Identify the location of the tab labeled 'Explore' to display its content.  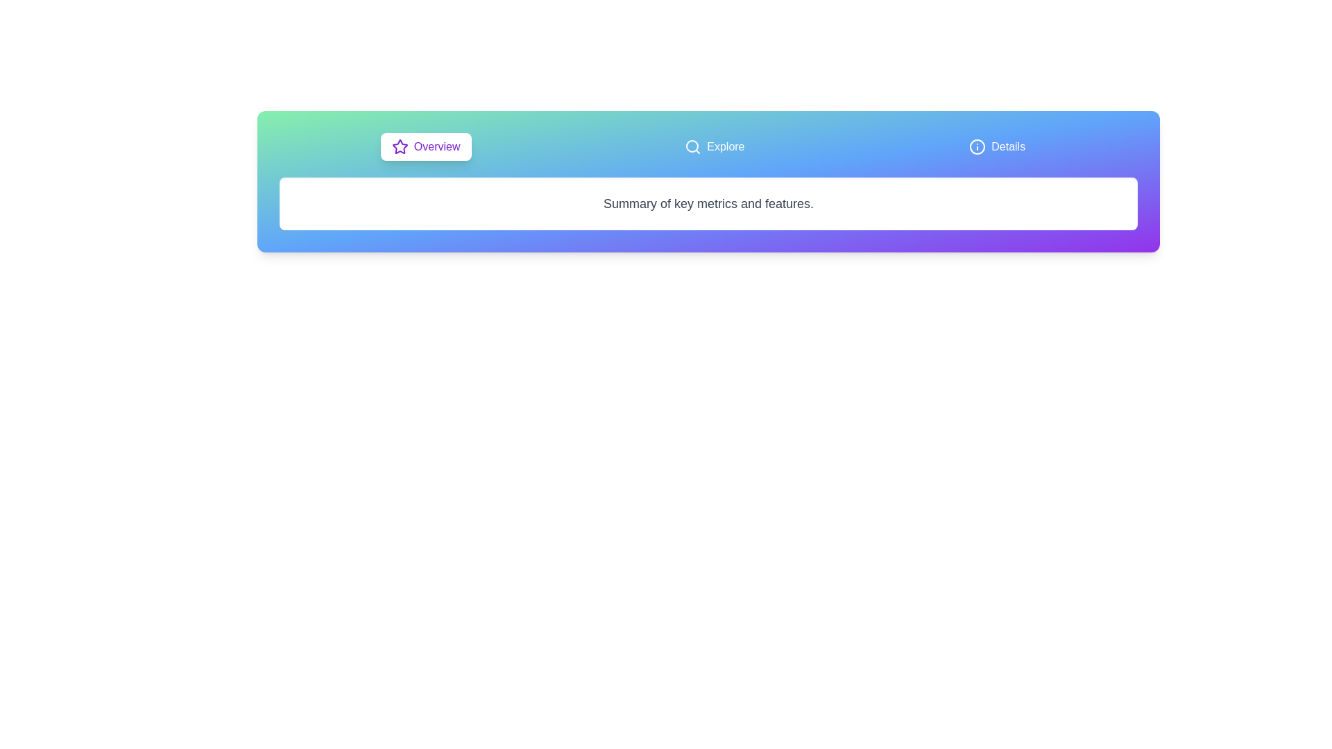
(715, 147).